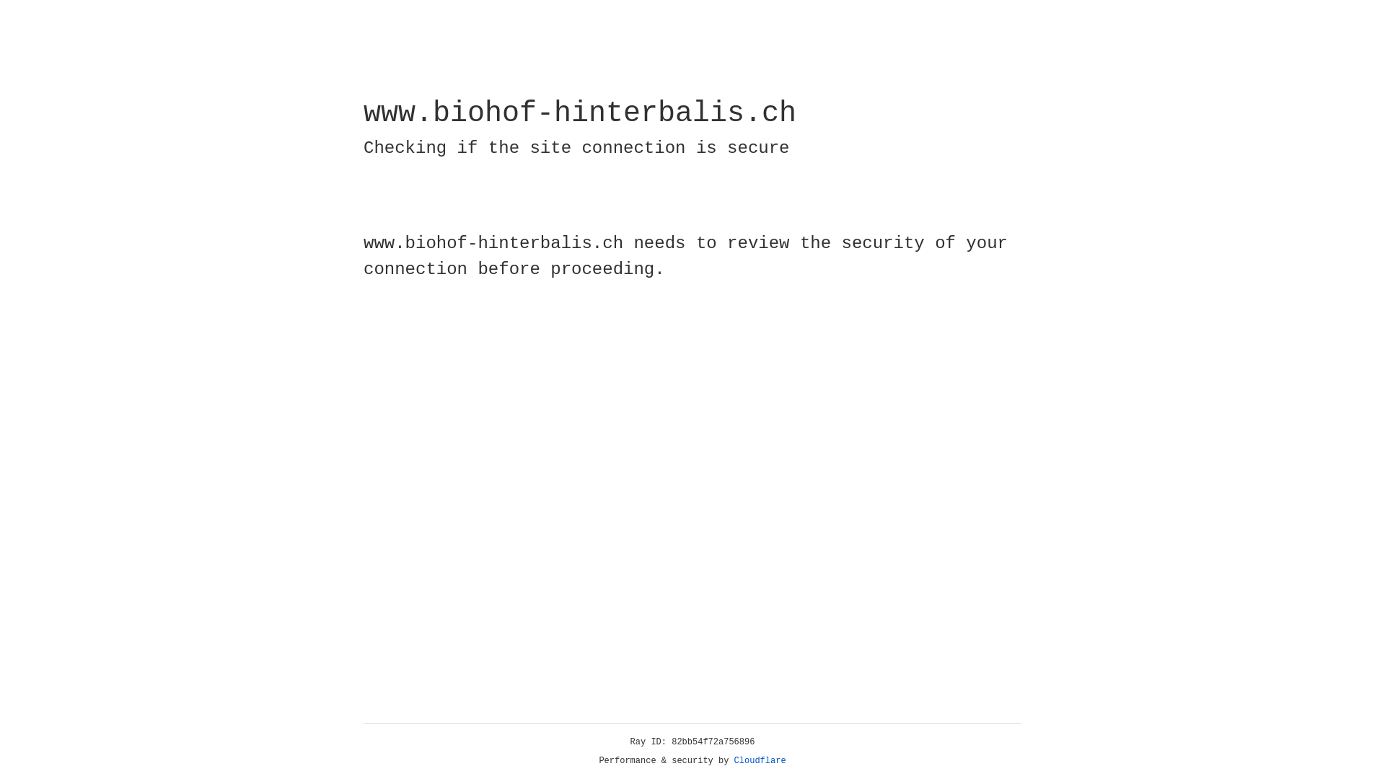 This screenshot has width=1385, height=779. What do you see at coordinates (734, 760) in the screenshot?
I see `'Cloudflare'` at bounding box center [734, 760].